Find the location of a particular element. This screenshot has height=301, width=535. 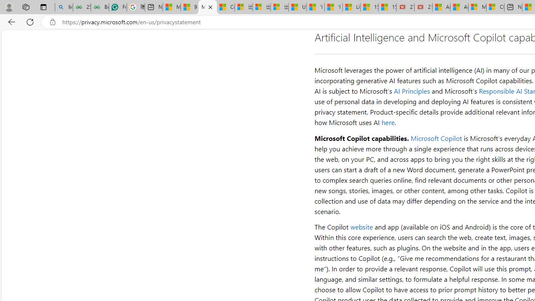

'here' is located at coordinates (387, 122).